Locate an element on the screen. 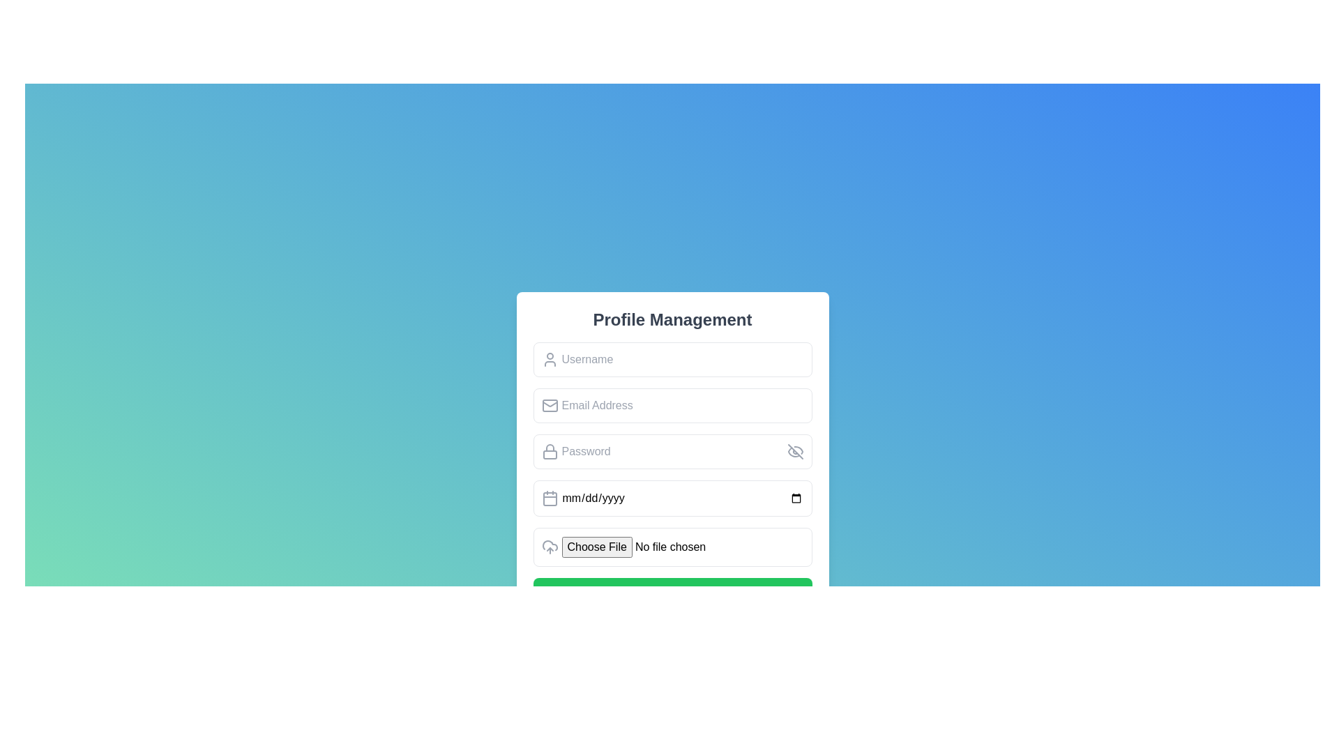  the cloud-shaped upload icon located to the left of the 'No file chosen' text in the file selection input area is located at coordinates (549, 547).